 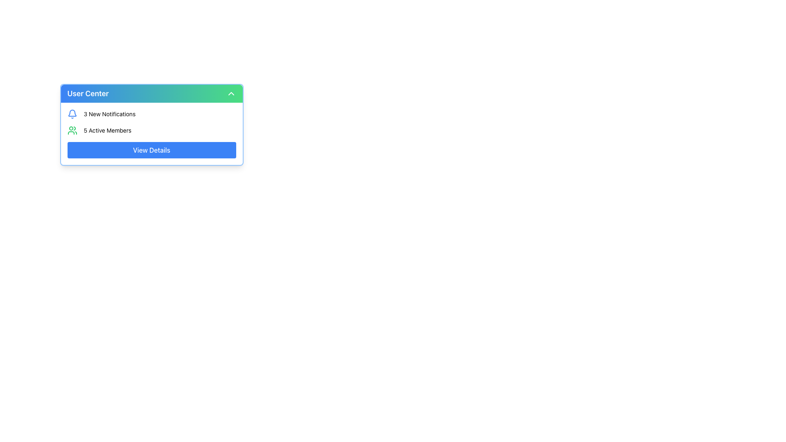 What do you see at coordinates (230, 93) in the screenshot?
I see `the white upward-pointing chevron icon with a green background located in the upper right corner of the 'User Center' header` at bounding box center [230, 93].